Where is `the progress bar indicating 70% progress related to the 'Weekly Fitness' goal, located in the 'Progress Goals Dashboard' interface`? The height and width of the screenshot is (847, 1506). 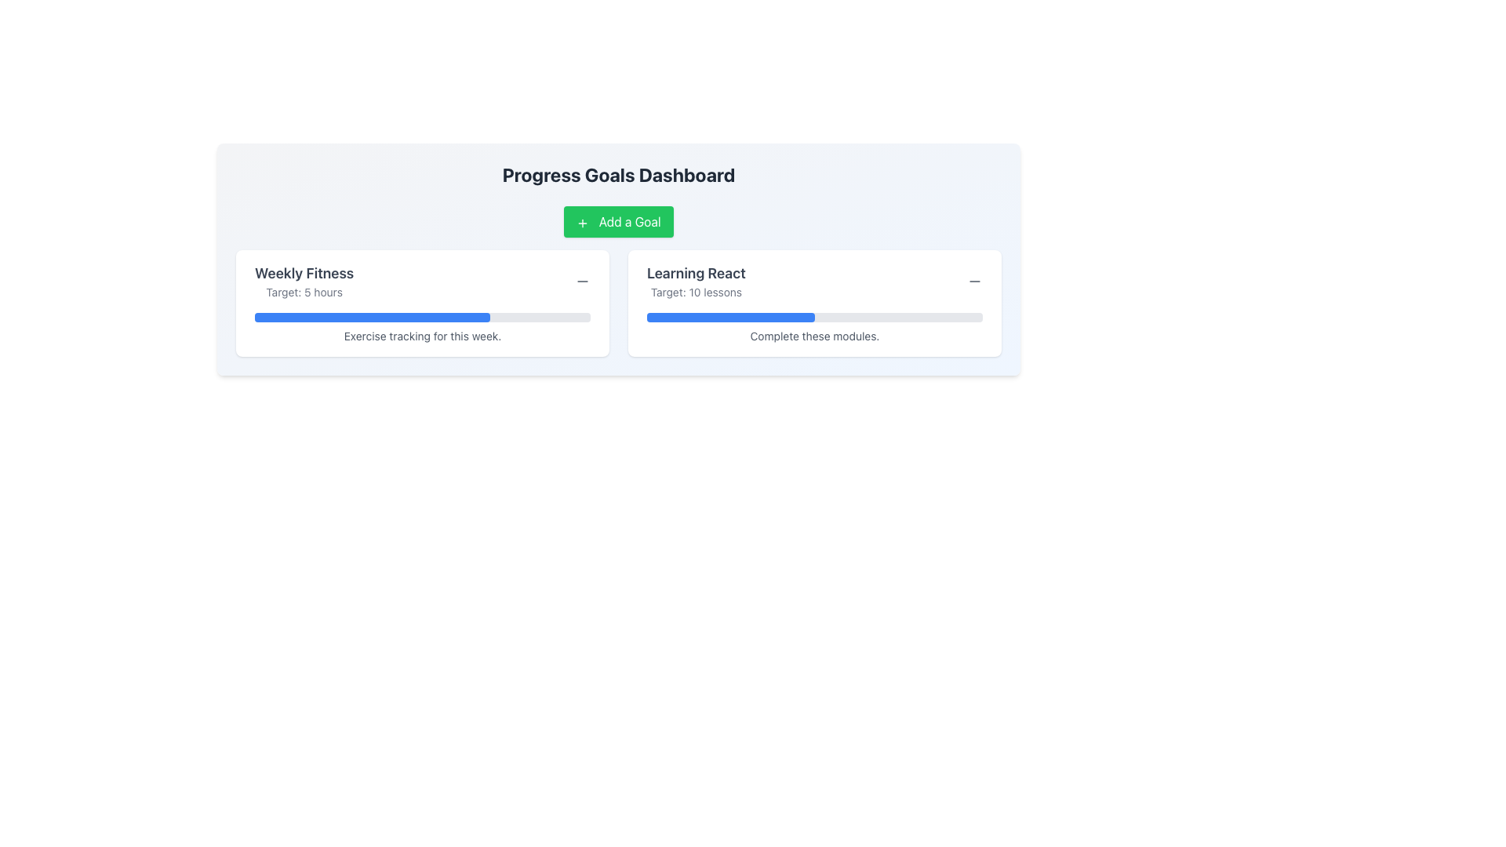
the progress bar indicating 70% progress related to the 'Weekly Fitness' goal, located in the 'Progress Goals Dashboard' interface is located at coordinates (371, 318).